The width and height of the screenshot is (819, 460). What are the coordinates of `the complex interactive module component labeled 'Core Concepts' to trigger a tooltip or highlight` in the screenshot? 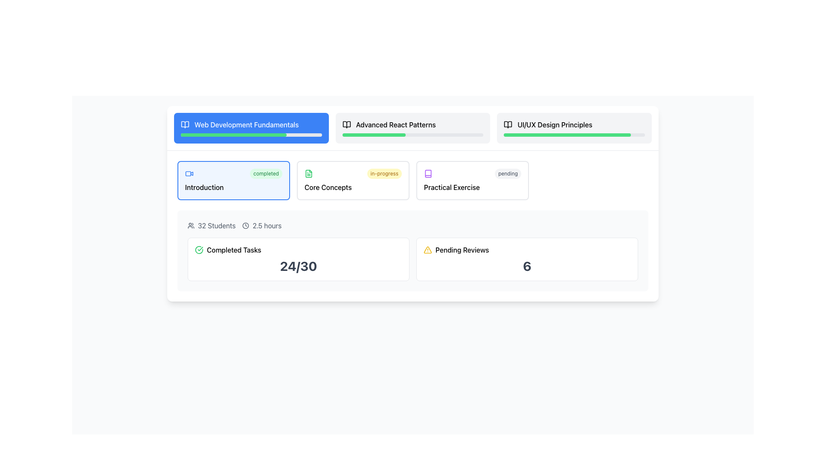 It's located at (353, 180).